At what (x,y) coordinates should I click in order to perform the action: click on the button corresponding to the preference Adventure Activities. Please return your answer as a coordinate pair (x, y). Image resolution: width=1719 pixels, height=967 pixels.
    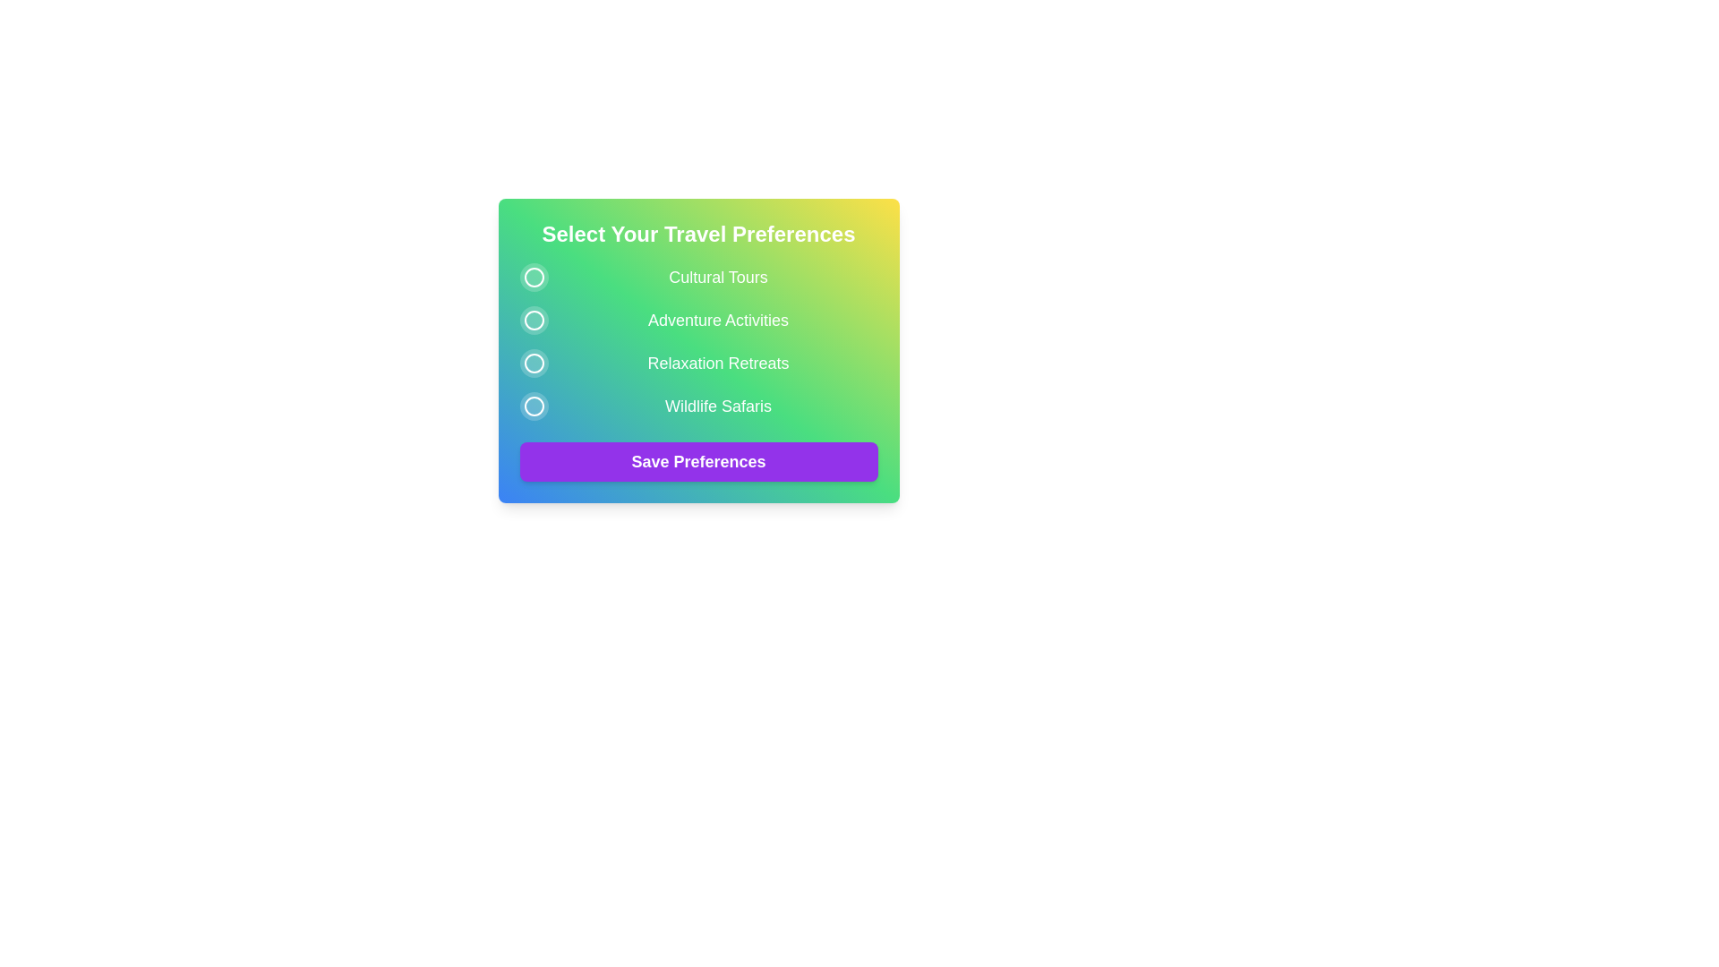
    Looking at the image, I should click on (533, 320).